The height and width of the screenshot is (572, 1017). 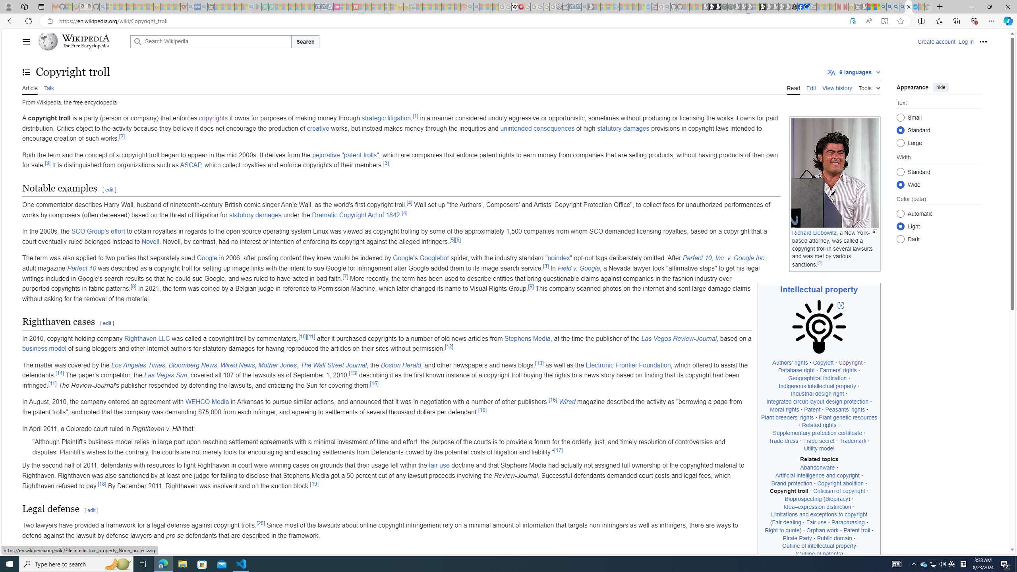 What do you see at coordinates (928, 6) in the screenshot?
I see `'Favorites - Sleeping'` at bounding box center [928, 6].